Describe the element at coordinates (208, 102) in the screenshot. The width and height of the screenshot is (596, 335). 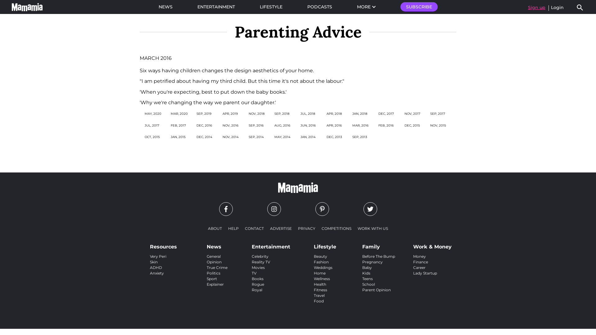
I see `''Why we're changing the way we parent our daughter.''` at that location.